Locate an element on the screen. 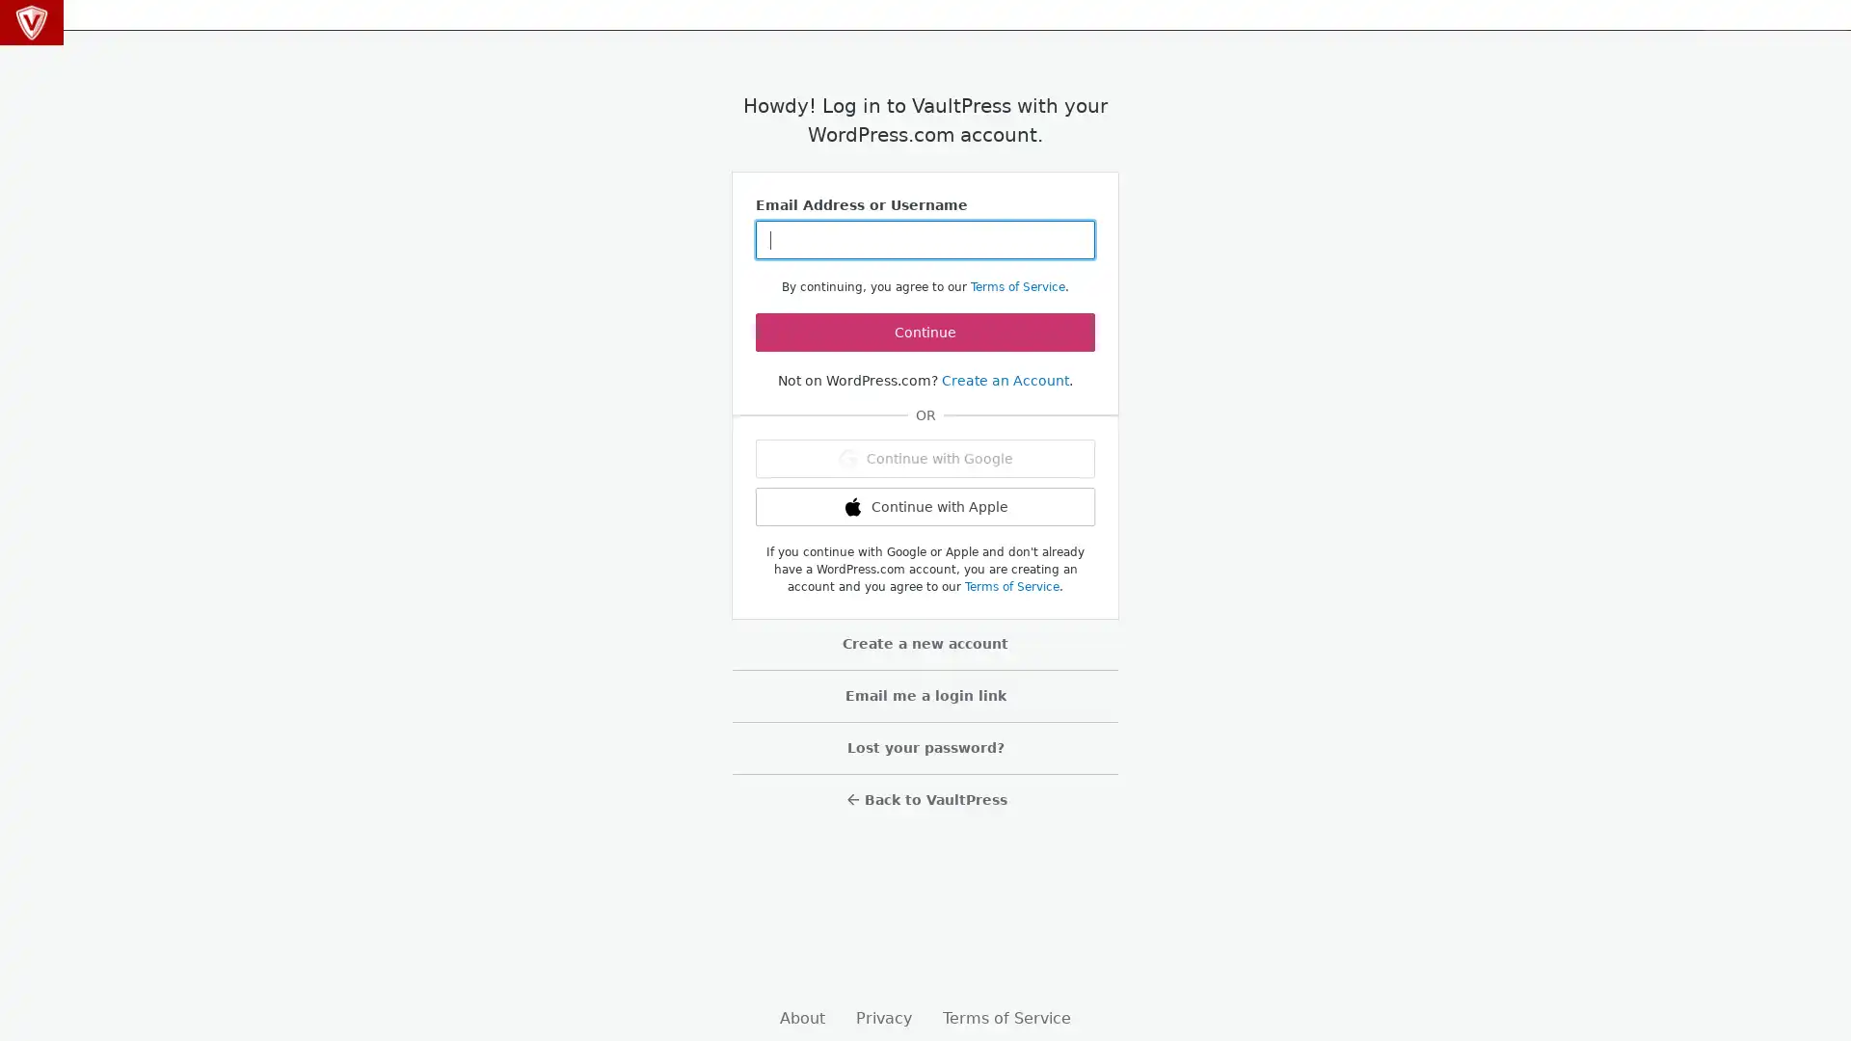 Image resolution: width=1851 pixels, height=1041 pixels. Continue with Google is located at coordinates (925, 458).